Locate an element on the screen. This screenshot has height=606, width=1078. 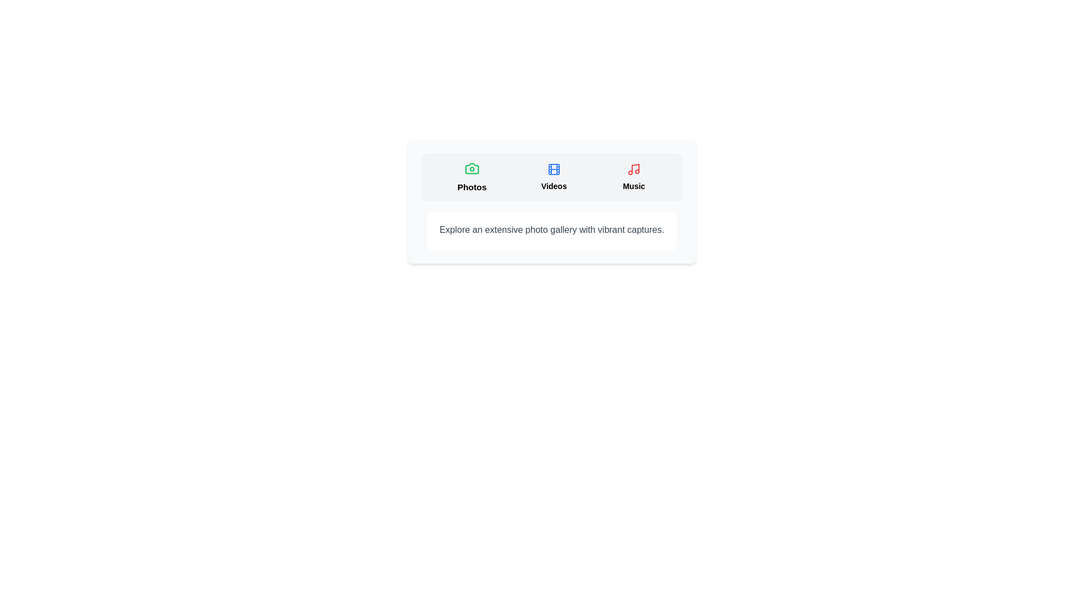
the tab labeled Music to trigger the hover effect is located at coordinates (634, 177).